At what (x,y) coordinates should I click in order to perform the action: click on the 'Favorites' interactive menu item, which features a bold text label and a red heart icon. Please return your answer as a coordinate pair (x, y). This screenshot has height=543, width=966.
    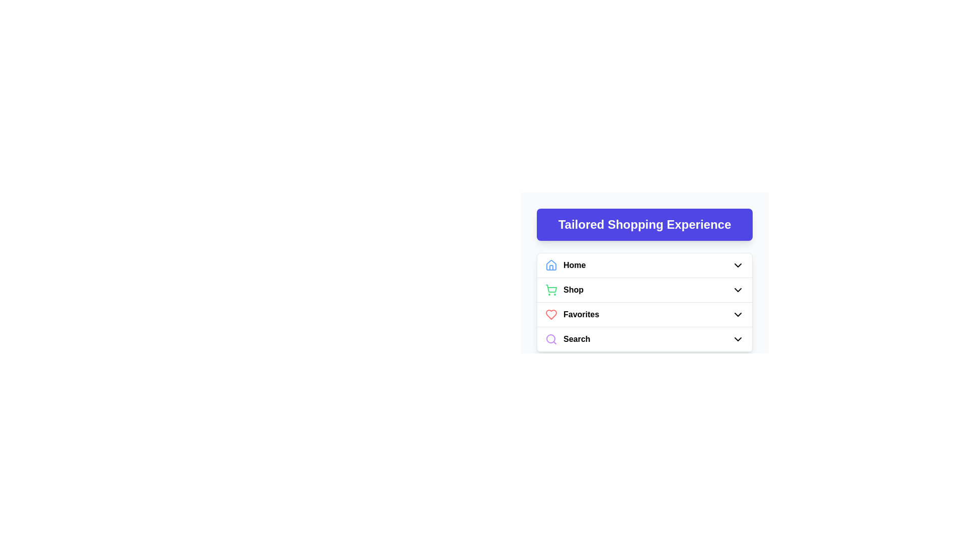
    Looking at the image, I should click on (645, 314).